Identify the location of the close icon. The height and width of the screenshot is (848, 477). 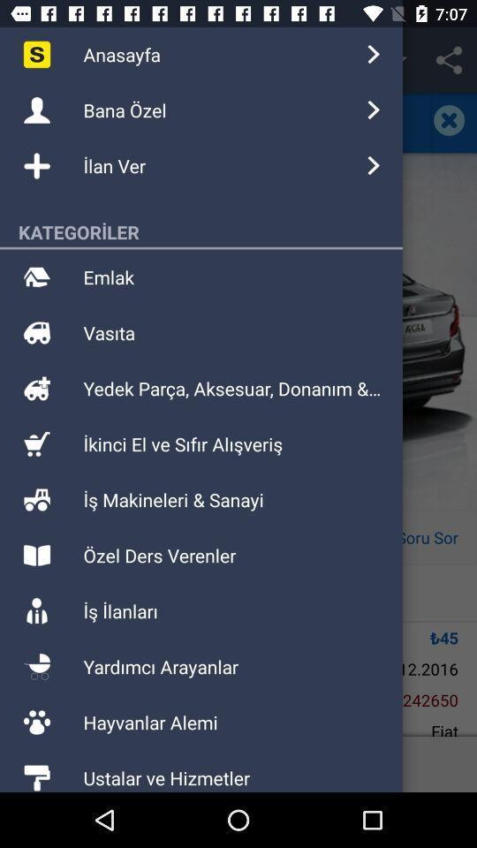
(449, 119).